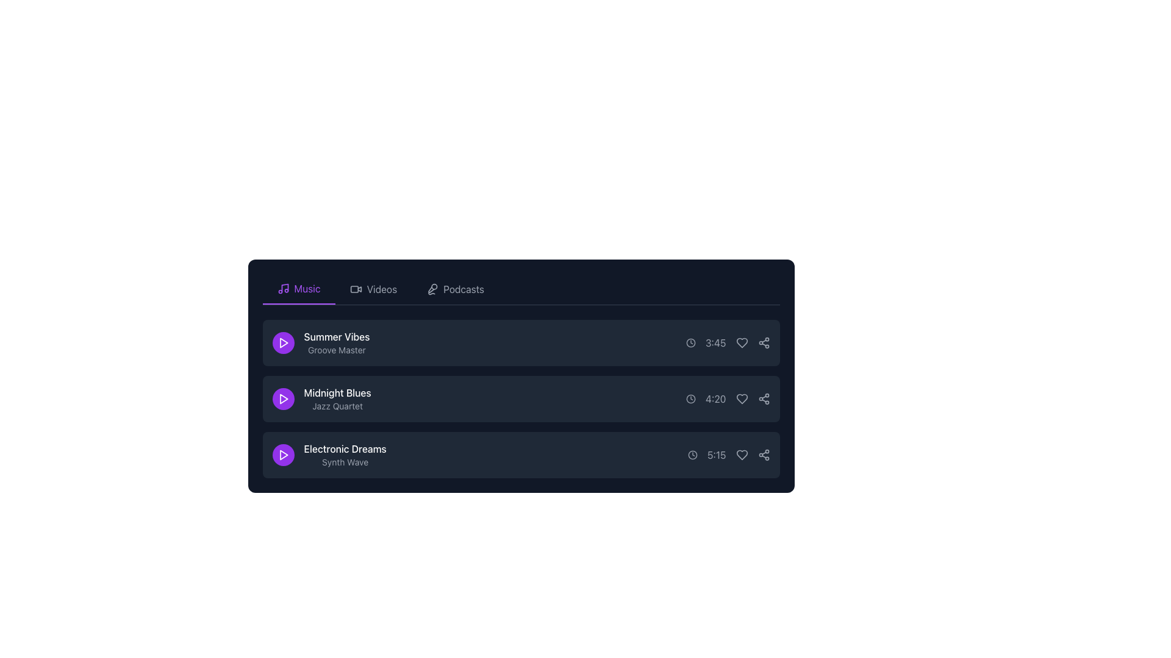 Image resolution: width=1171 pixels, height=658 pixels. What do you see at coordinates (337, 336) in the screenshot?
I see `the text of the textual label displaying 'Summer Vibes', which is a white-colored font positioned above the text 'Groove Master'` at bounding box center [337, 336].